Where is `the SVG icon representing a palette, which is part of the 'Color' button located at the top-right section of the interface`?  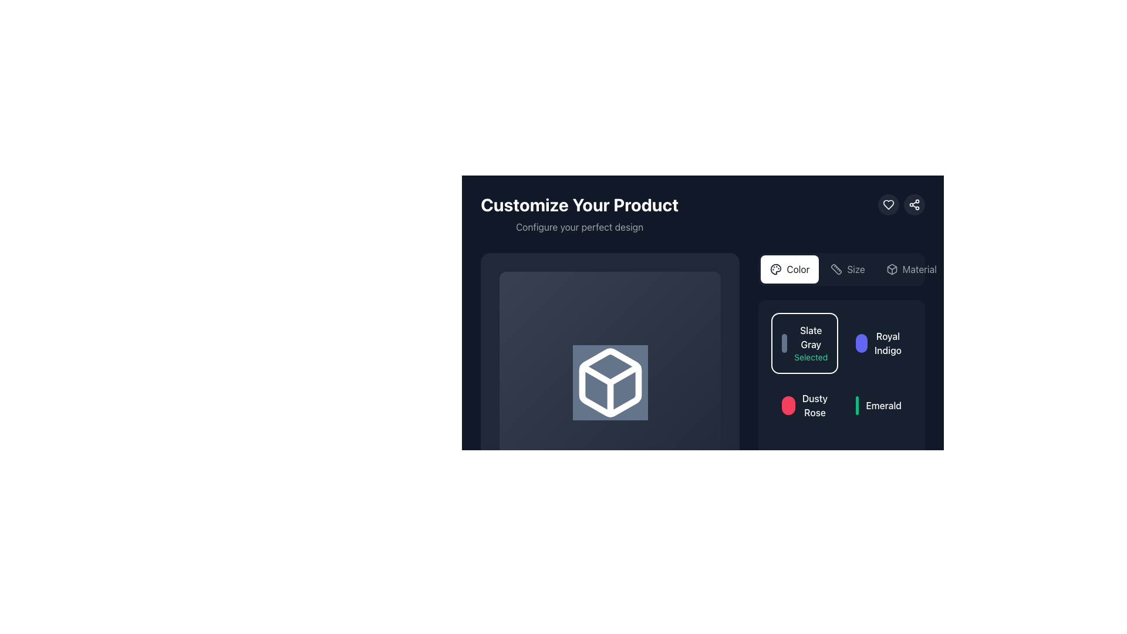 the SVG icon representing a palette, which is part of the 'Color' button located at the top-right section of the interface is located at coordinates (776, 269).